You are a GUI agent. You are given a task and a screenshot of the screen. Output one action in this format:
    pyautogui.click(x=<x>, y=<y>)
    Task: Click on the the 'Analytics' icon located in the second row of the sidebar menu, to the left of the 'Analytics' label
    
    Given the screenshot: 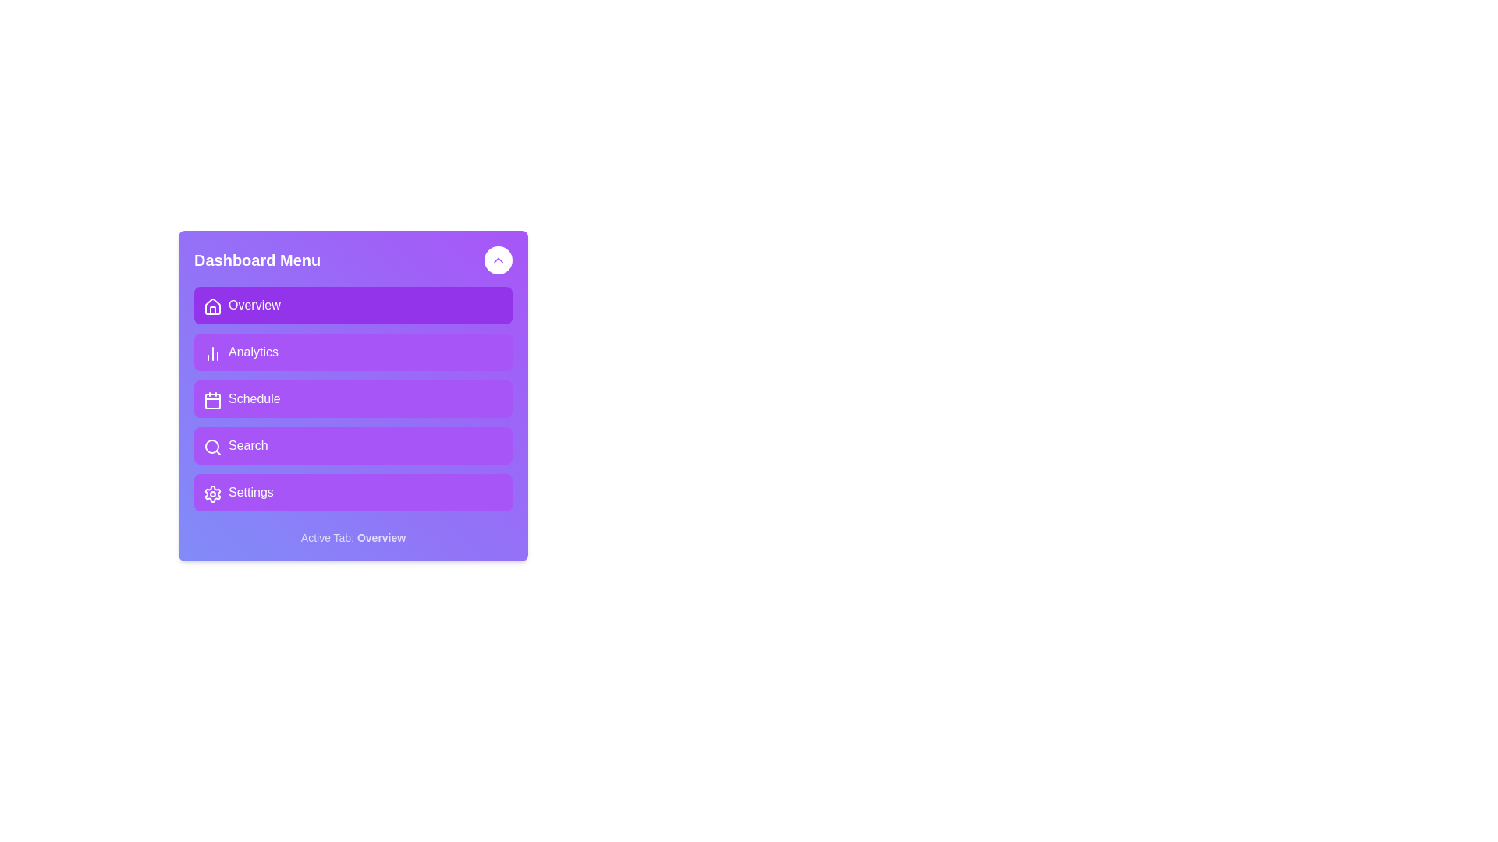 What is the action you would take?
    pyautogui.click(x=212, y=354)
    